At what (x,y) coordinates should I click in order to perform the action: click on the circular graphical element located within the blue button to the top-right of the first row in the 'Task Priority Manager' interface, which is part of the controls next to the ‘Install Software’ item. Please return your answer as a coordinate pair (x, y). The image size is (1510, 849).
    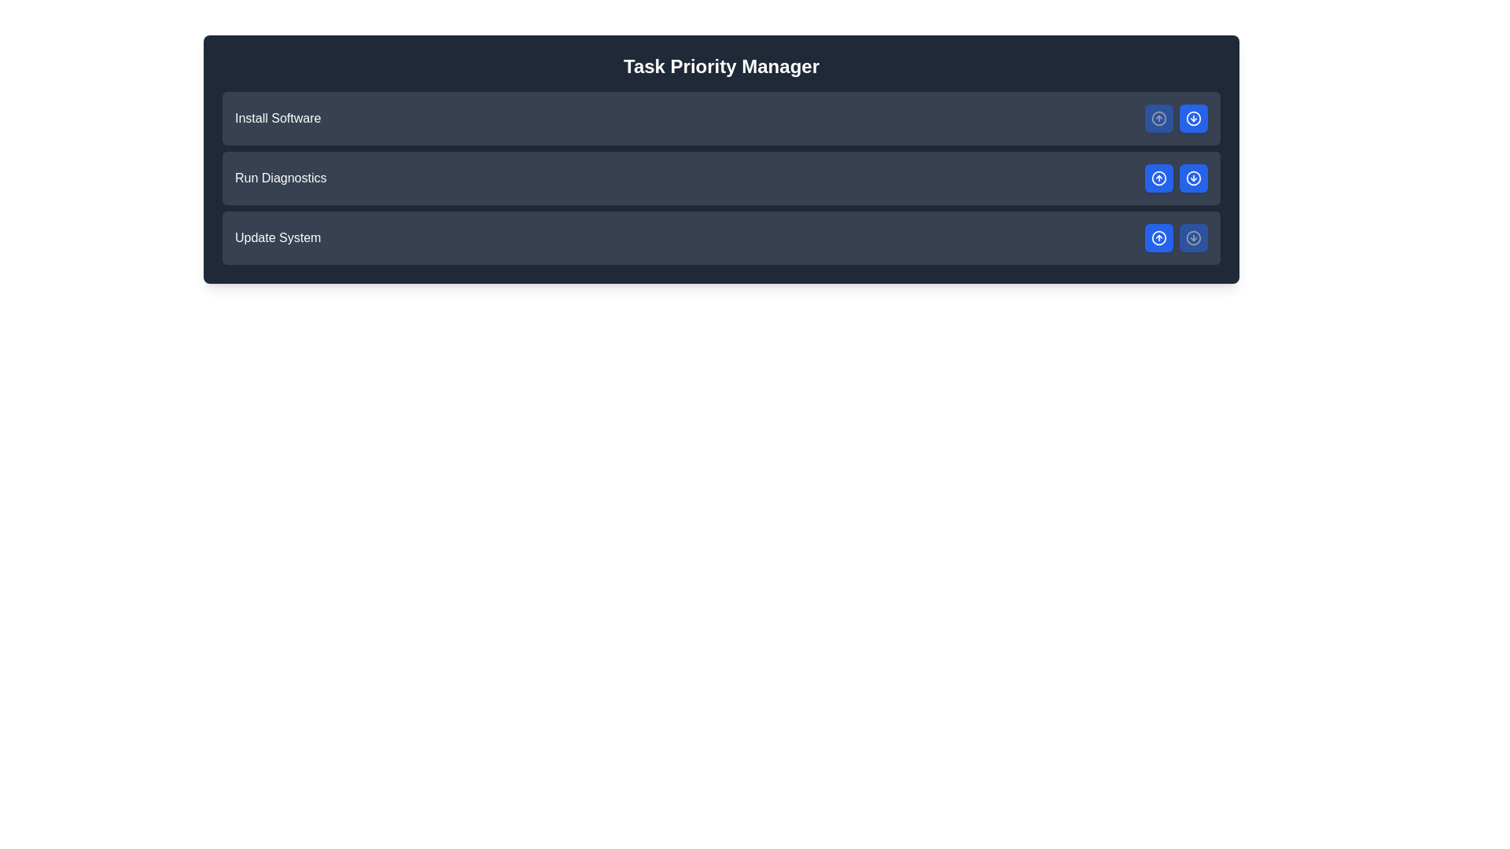
    Looking at the image, I should click on (1158, 117).